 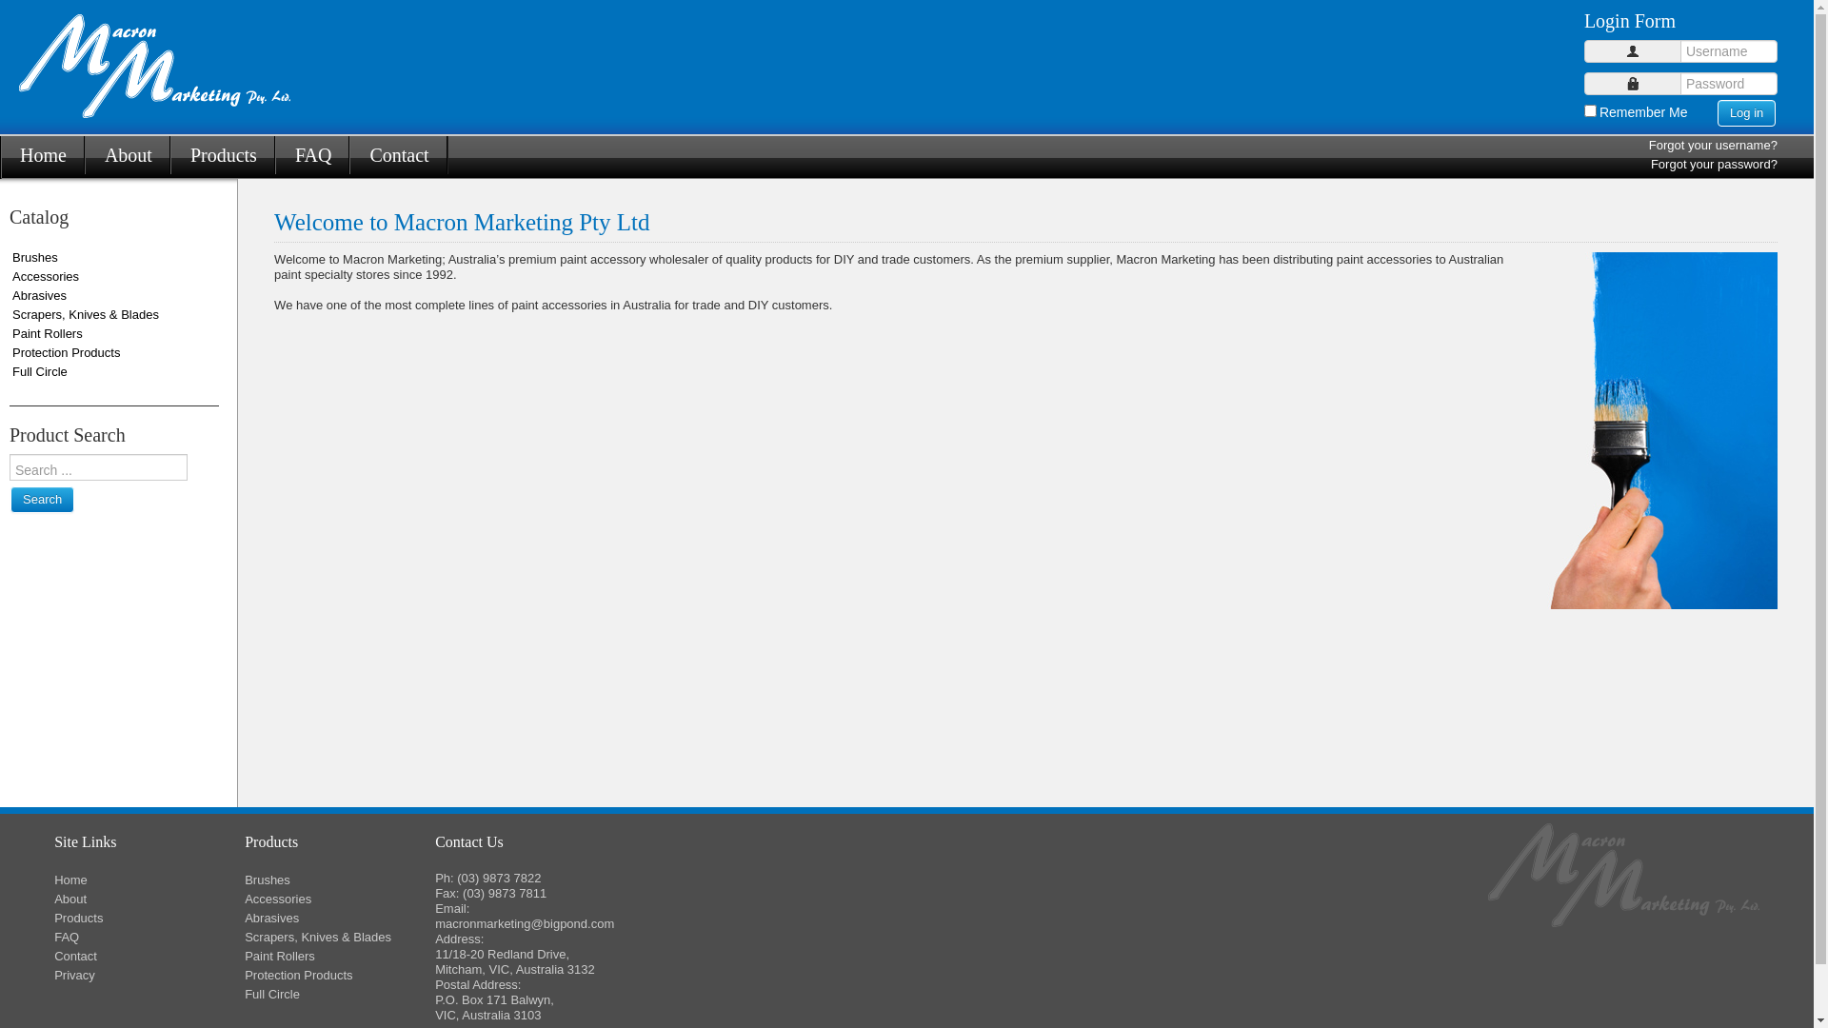 What do you see at coordinates (1631, 50) in the screenshot?
I see `'Username'` at bounding box center [1631, 50].